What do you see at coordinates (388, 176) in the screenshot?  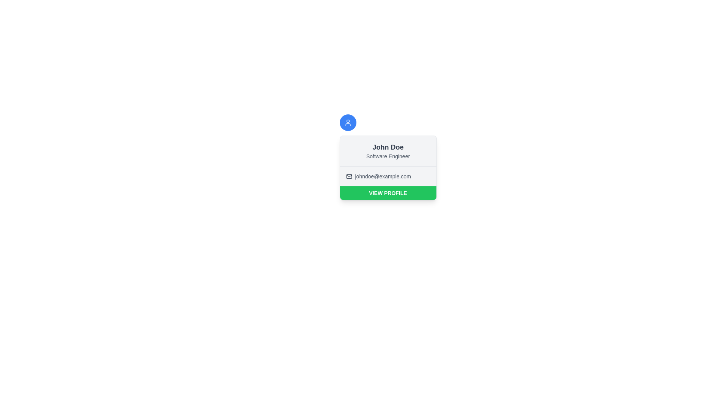 I see `the text display showing 'Email: johndoe@example.com'` at bounding box center [388, 176].